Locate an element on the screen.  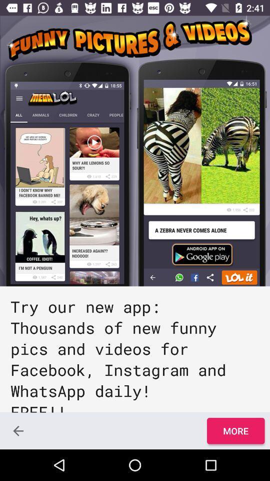
item below the try our new is located at coordinates (18, 430).